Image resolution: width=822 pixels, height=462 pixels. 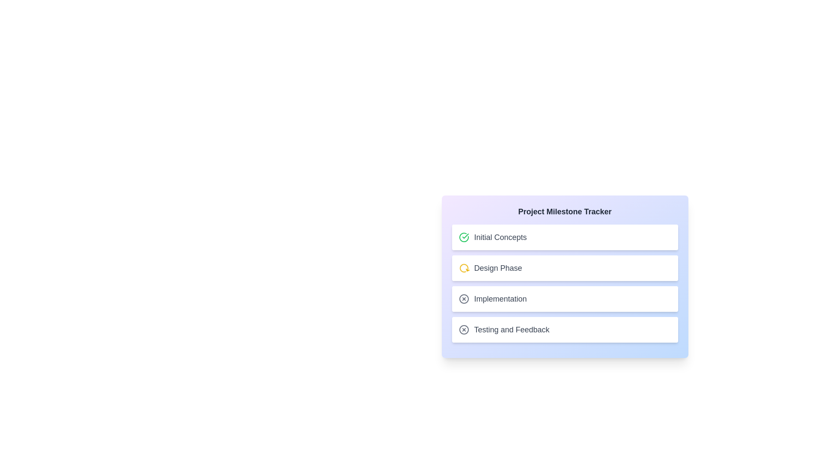 What do you see at coordinates (490, 268) in the screenshot?
I see `the 'Design Phase' milestone indicator` at bounding box center [490, 268].